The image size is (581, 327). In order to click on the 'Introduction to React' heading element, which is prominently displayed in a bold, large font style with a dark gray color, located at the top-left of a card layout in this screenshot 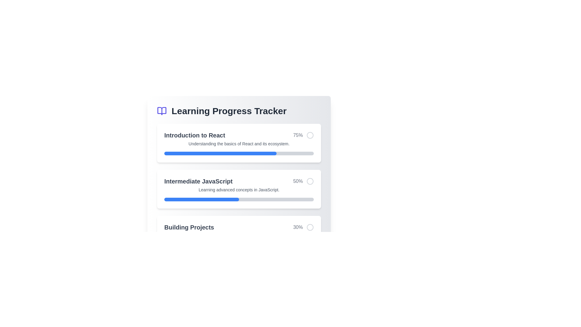, I will do `click(195, 135)`.